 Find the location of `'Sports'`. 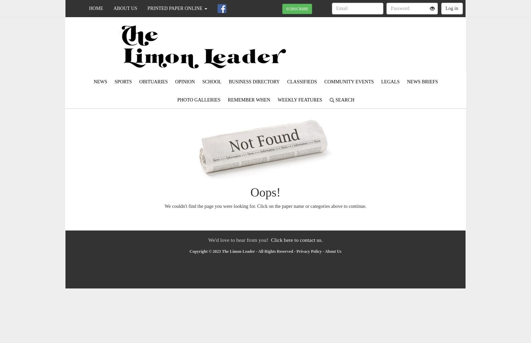

'Sports' is located at coordinates (123, 81).